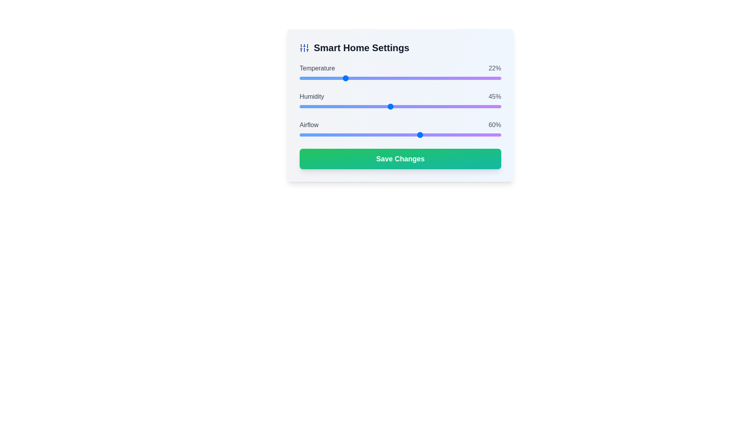 Image resolution: width=756 pixels, height=425 pixels. Describe the element at coordinates (372, 78) in the screenshot. I see `temperature slider` at that location.